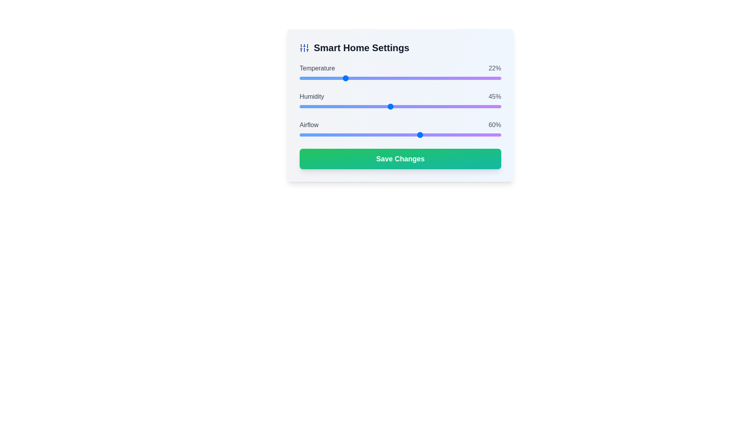 Image resolution: width=756 pixels, height=425 pixels. Describe the element at coordinates (372, 78) in the screenshot. I see `temperature slider` at that location.